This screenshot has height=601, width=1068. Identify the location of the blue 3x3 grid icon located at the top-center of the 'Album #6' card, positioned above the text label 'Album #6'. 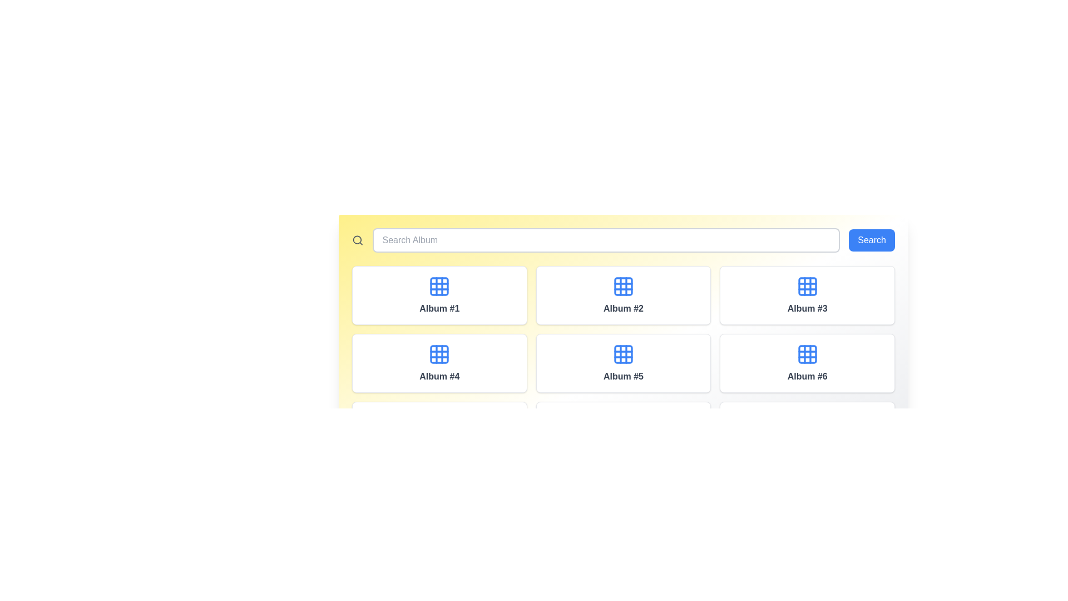
(807, 354).